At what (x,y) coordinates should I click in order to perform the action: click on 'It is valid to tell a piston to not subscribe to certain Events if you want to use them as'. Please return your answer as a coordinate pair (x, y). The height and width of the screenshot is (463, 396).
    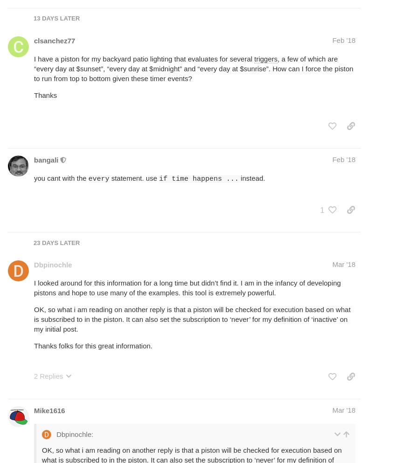
    Looking at the image, I should click on (164, 202).